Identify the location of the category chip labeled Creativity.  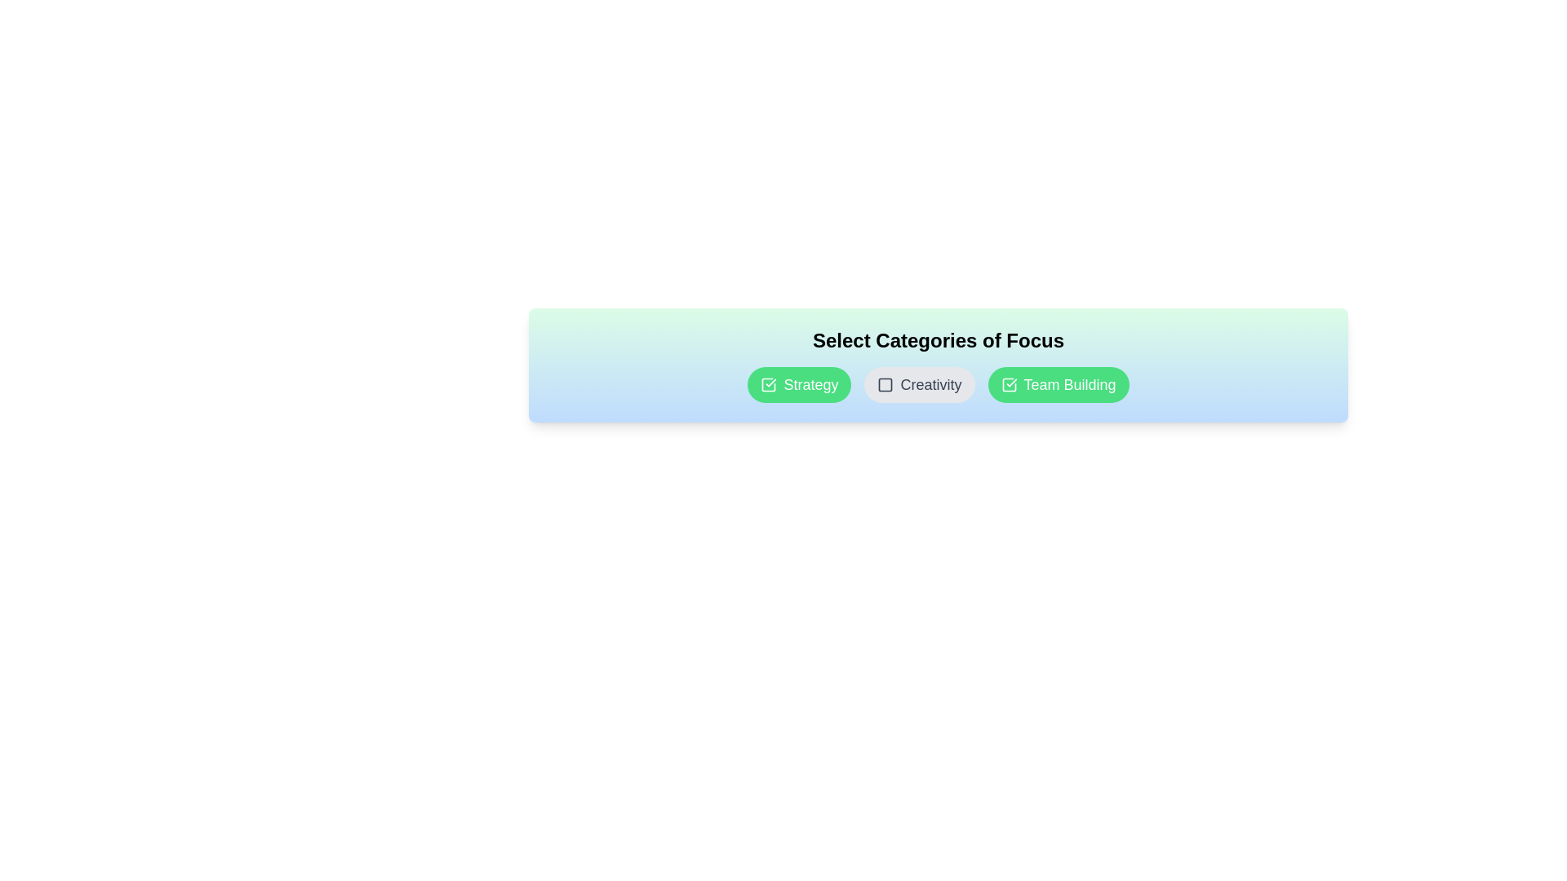
(920, 384).